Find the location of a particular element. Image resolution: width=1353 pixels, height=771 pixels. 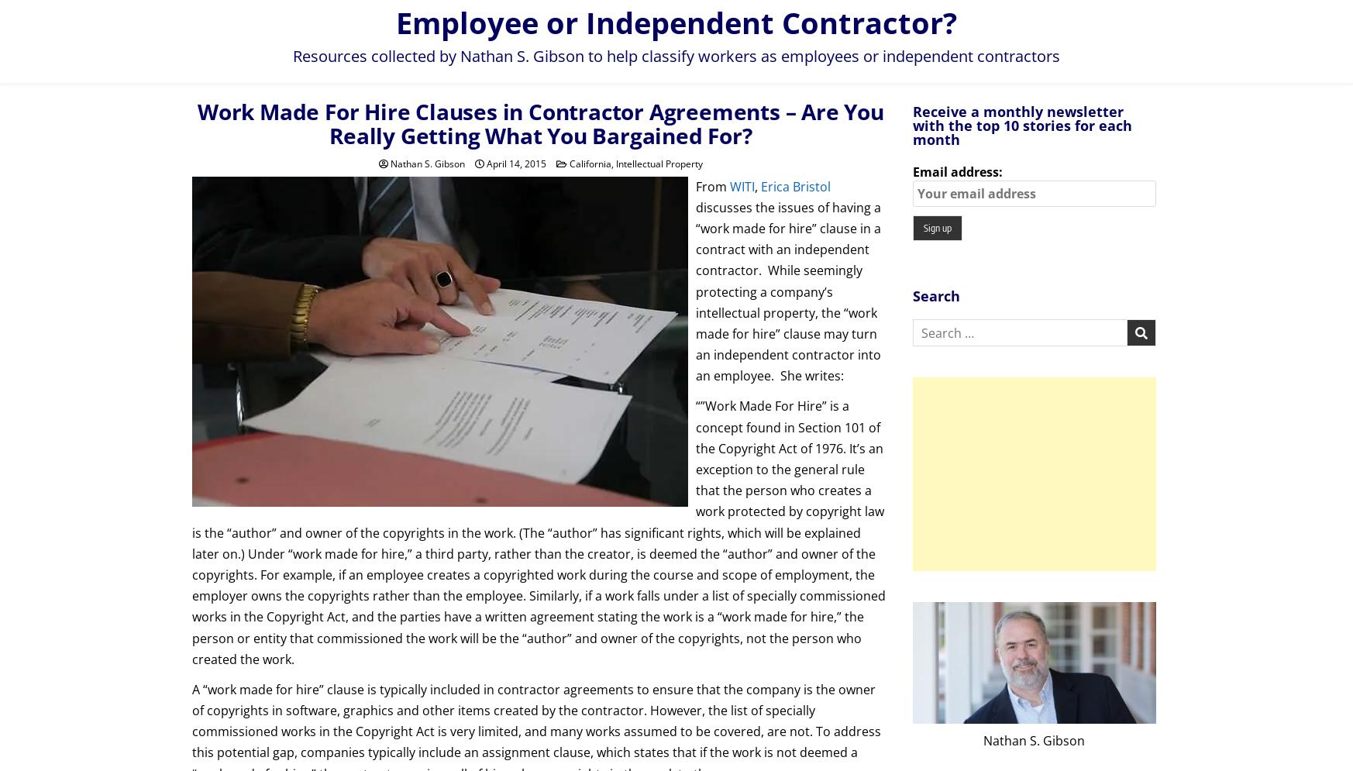

'Employee or Independent Contractor?' is located at coordinates (676, 22).